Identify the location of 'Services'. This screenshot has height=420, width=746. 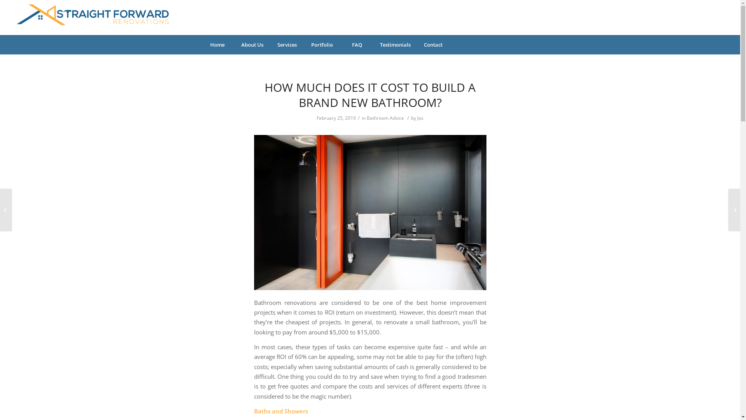
(287, 45).